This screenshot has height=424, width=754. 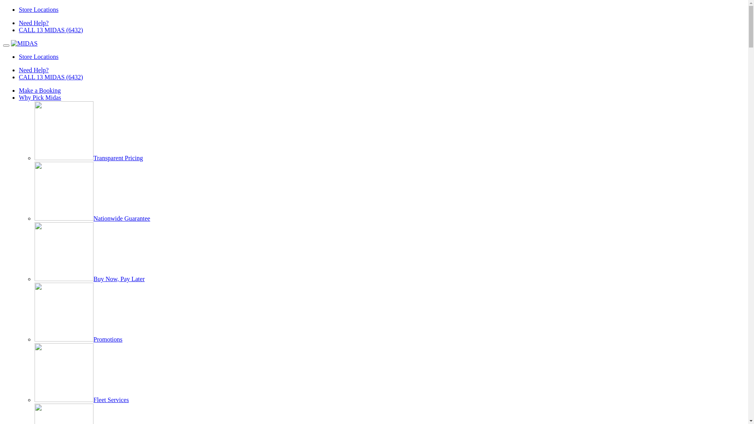 I want to click on 'Why Pick Midas', so click(x=19, y=97).